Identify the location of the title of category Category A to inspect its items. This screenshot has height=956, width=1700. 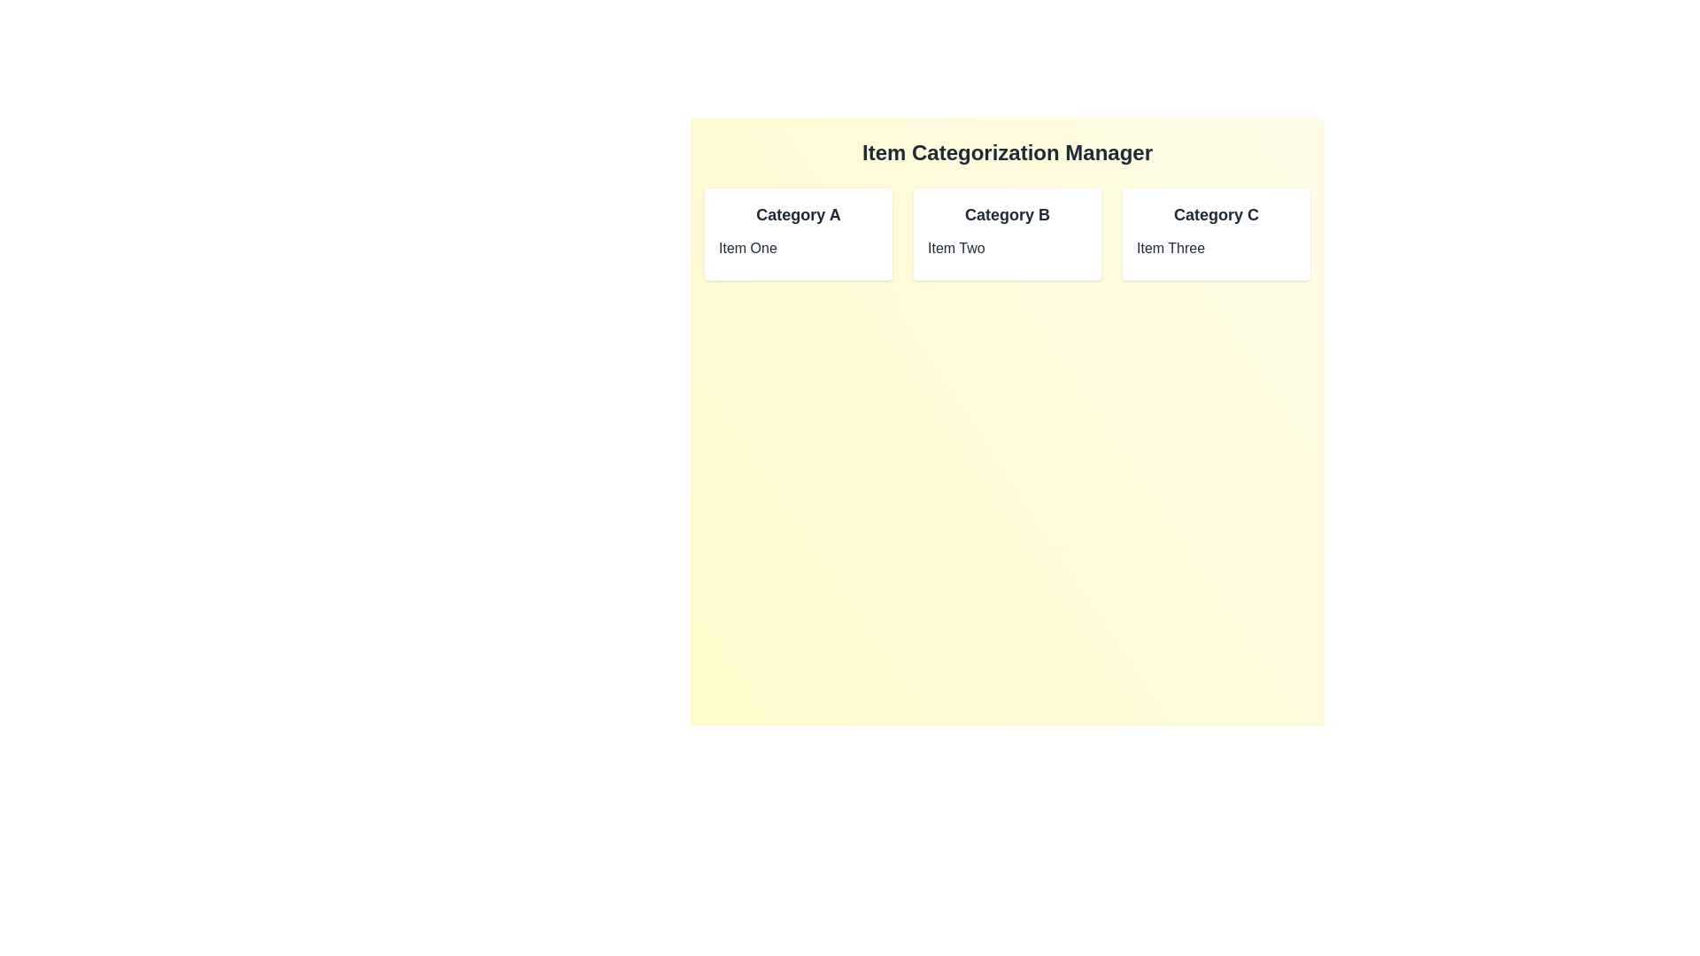
(798, 214).